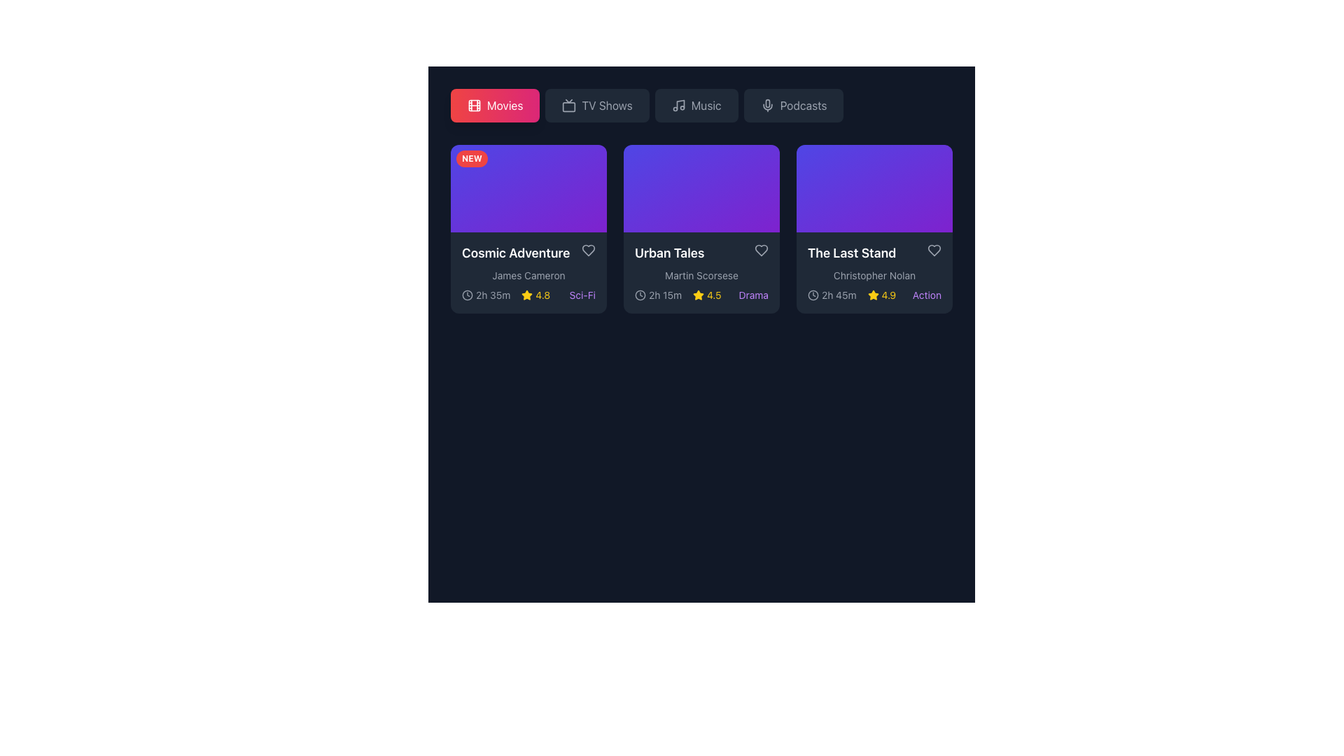 This screenshot has height=756, width=1344. I want to click on the rounded rectangular button labeled 'Podcasts' with a microphone icon, so click(794, 104).